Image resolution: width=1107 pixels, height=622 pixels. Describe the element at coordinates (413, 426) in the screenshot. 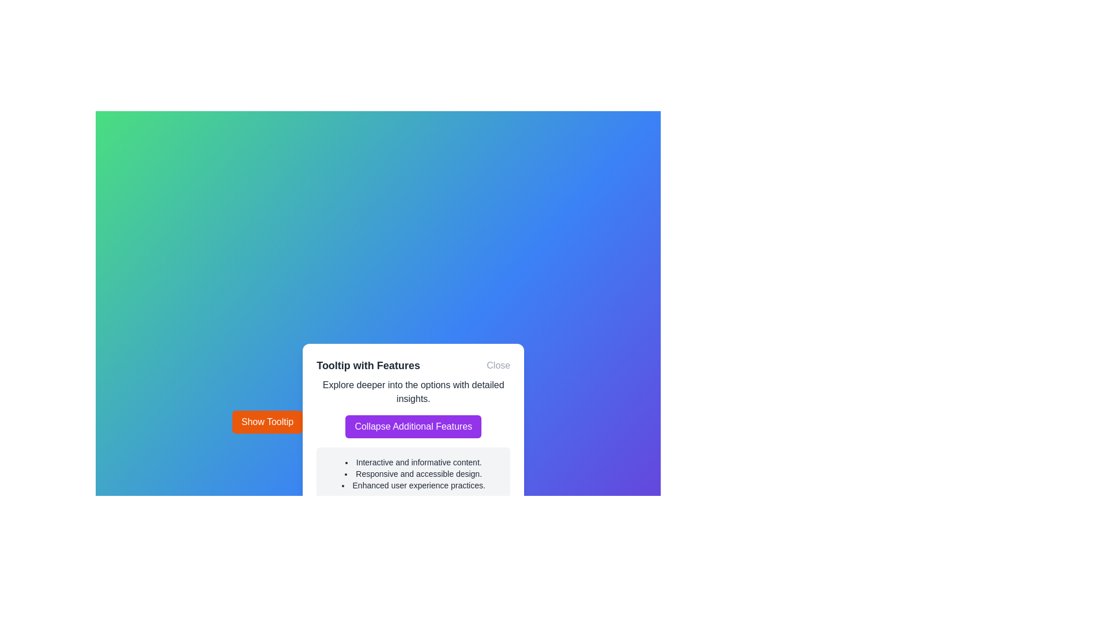

I see `the button with a purple background and white text saying 'Collapse Additional Features'` at that location.